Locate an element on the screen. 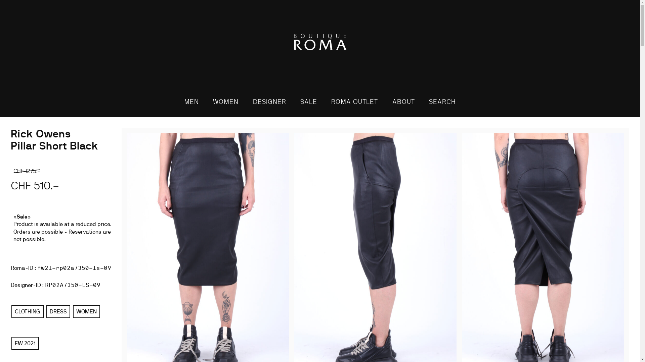 The height and width of the screenshot is (362, 645). 'WOMEN' is located at coordinates (226, 102).